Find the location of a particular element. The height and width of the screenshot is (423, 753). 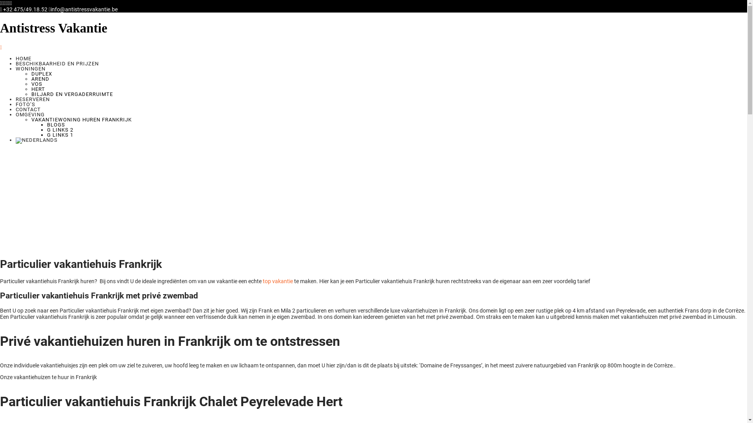

'RESERVEREN' is located at coordinates (32, 99).